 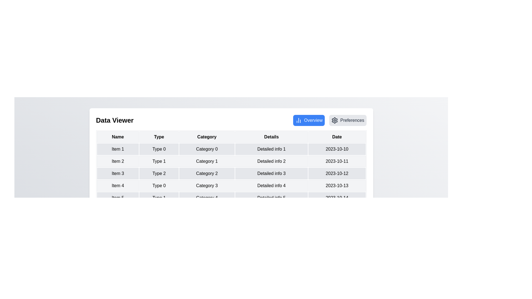 What do you see at coordinates (206, 137) in the screenshot?
I see `the column header Category to explore sorting options` at bounding box center [206, 137].